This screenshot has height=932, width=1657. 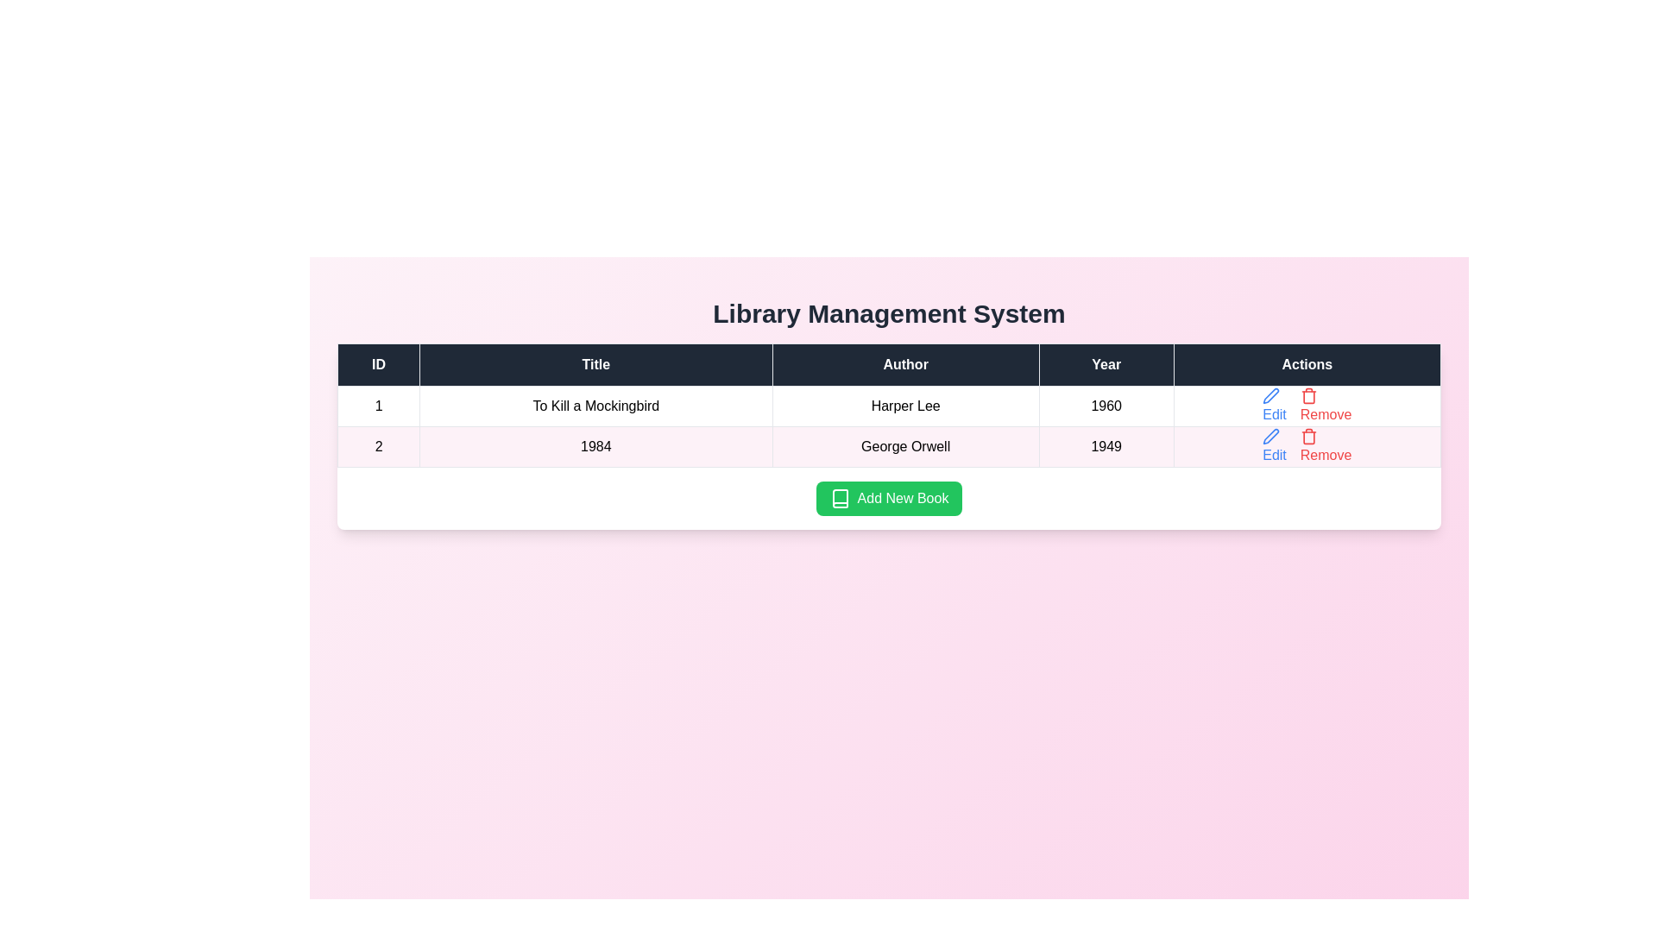 I want to click on the text label representing the publication year of the book 'To Kill a Mockingbird' located in the third column labeled 'Year' in the first row of the table, so click(x=1106, y=406).